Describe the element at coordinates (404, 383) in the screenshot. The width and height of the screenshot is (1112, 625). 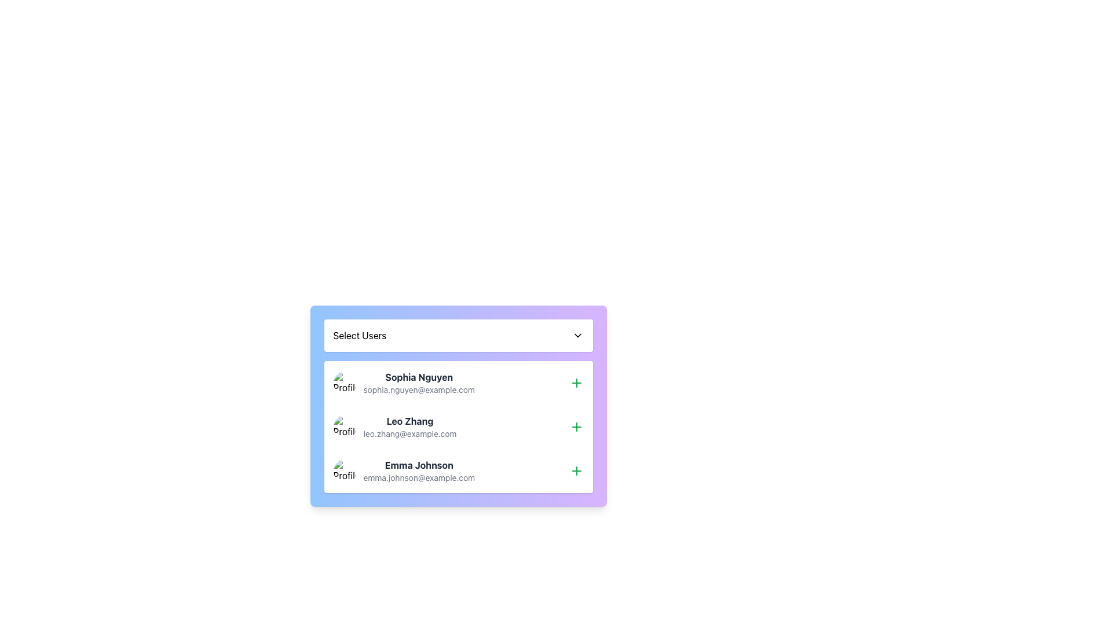
I see `the first user entry` at that location.